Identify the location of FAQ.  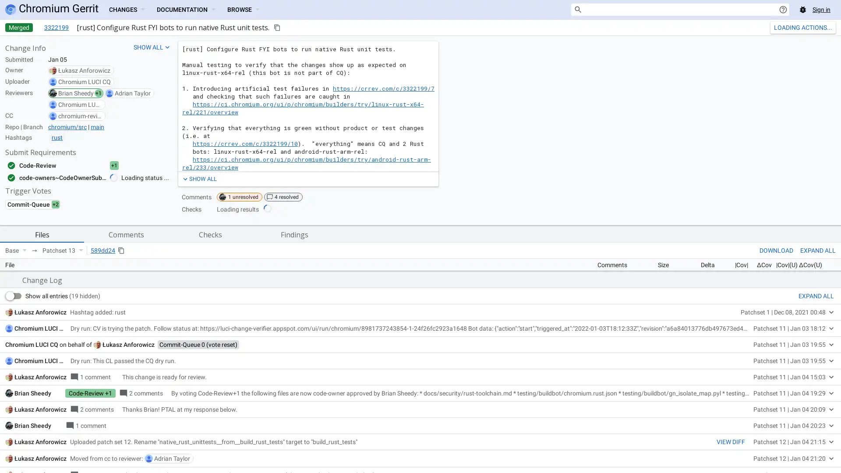
(791, 381).